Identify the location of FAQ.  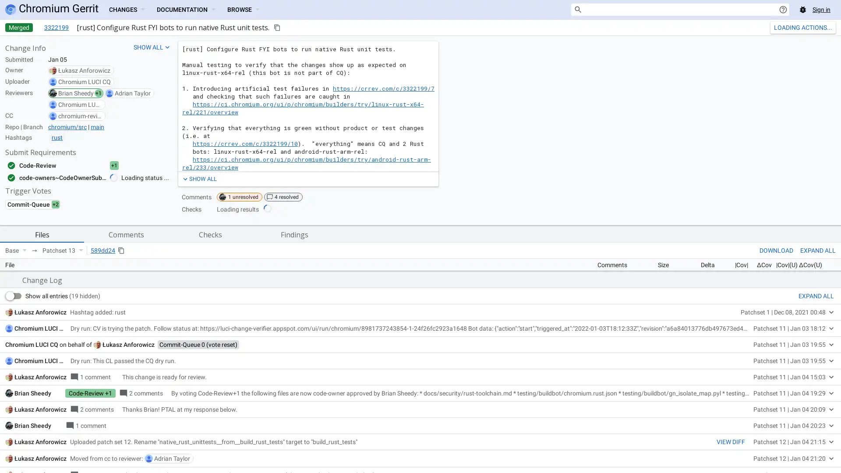
(791, 381).